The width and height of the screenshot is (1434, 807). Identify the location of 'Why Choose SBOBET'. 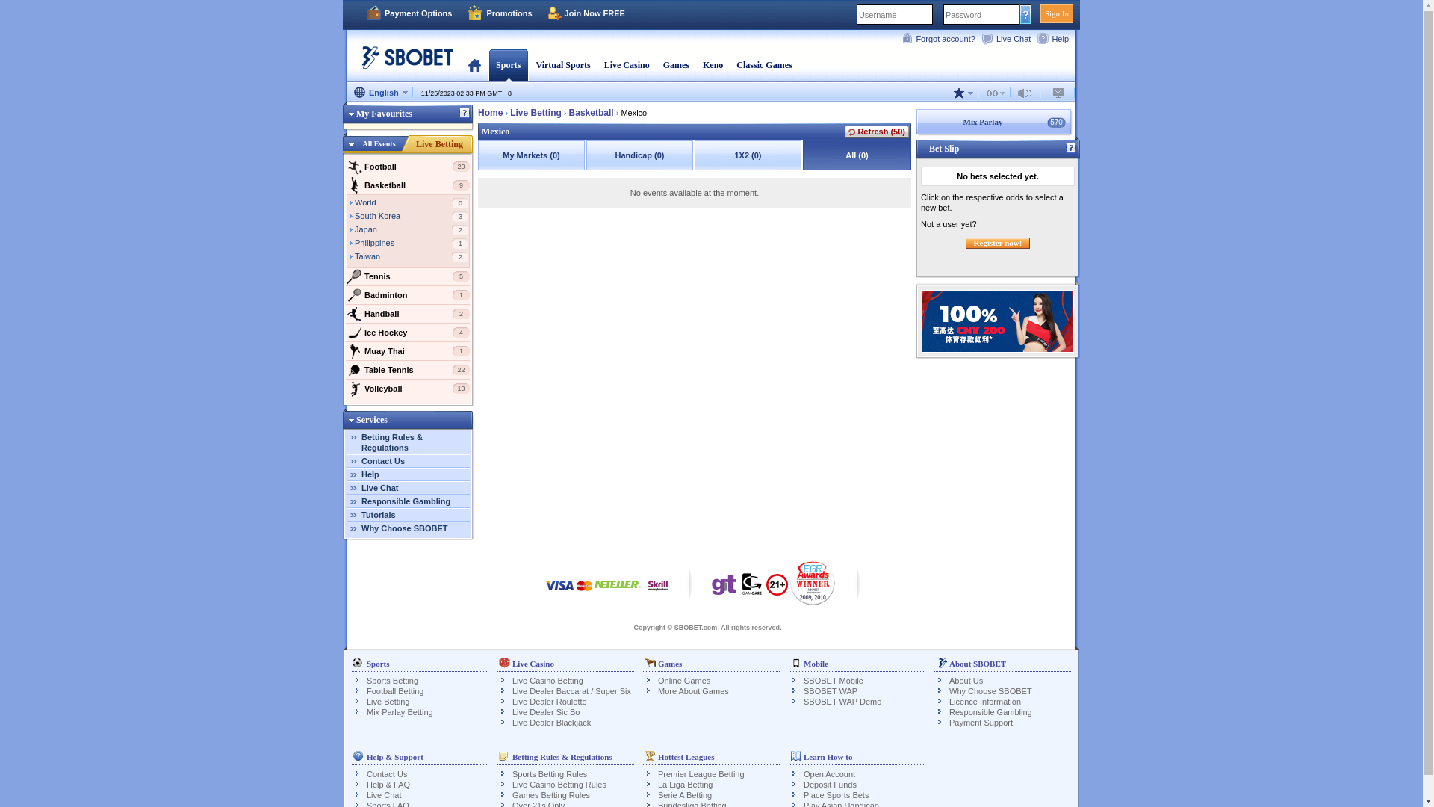
(405, 527).